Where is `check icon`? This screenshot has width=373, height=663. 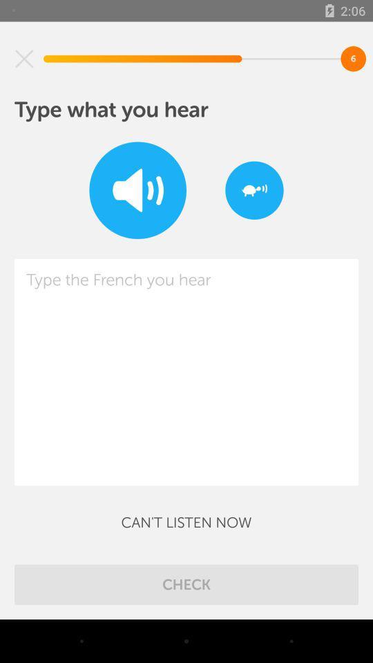
check icon is located at coordinates (186, 584).